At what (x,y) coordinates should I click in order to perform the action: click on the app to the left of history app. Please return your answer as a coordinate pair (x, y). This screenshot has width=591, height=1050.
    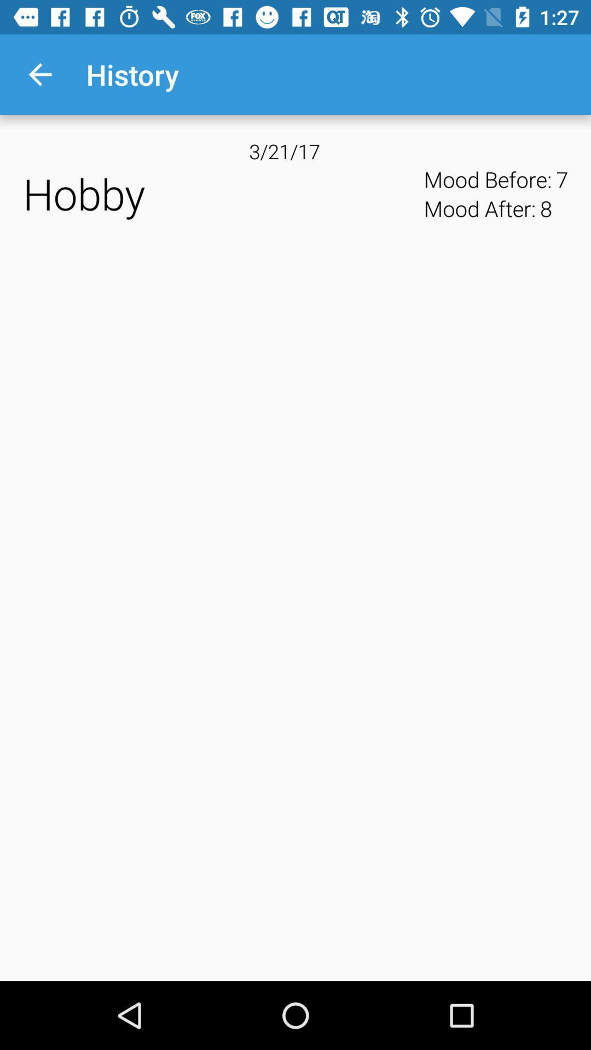
    Looking at the image, I should click on (39, 74).